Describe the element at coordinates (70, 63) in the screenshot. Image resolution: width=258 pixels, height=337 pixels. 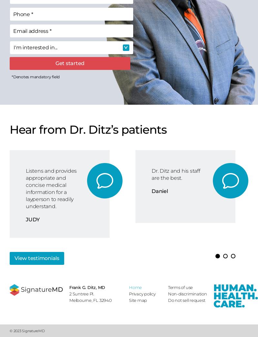
I see `'Get started'` at that location.